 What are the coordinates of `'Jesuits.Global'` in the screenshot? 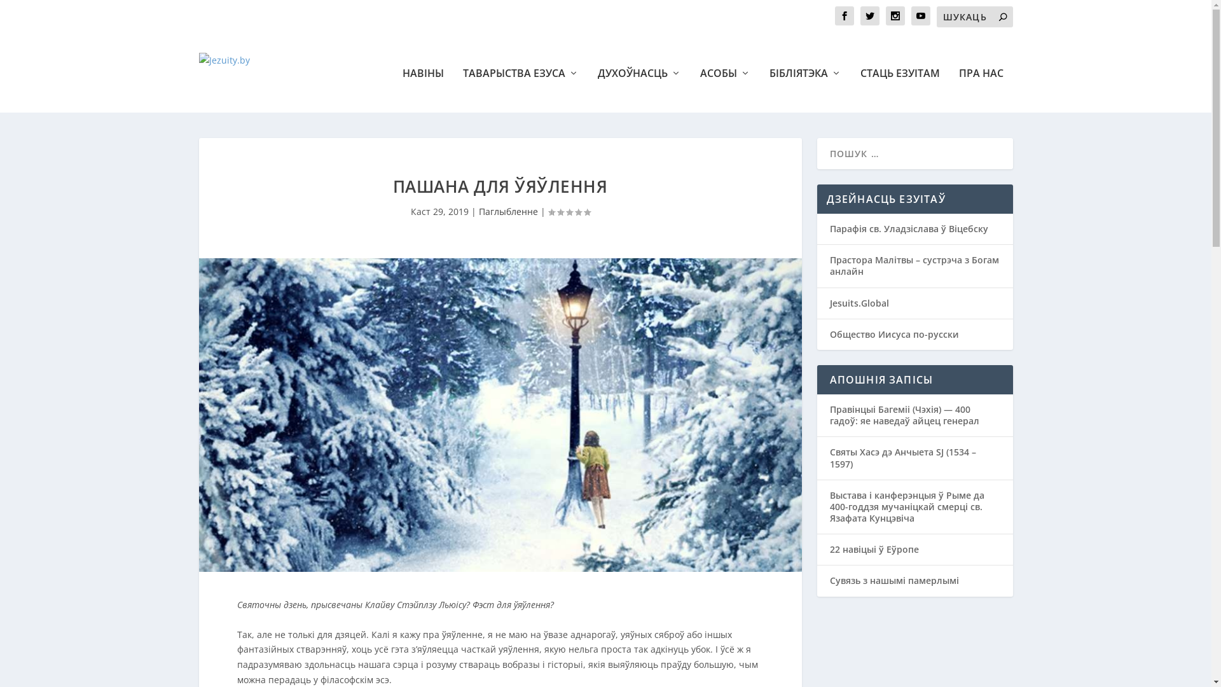 It's located at (859, 303).